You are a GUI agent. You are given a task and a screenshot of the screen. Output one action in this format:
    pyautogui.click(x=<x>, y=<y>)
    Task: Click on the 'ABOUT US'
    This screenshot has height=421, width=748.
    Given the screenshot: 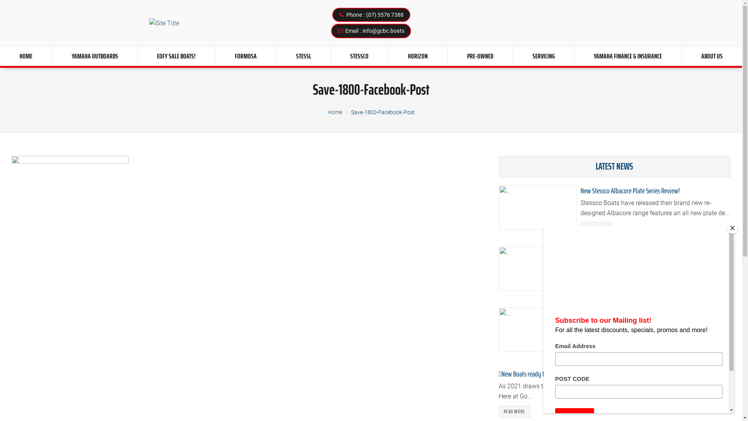 What is the action you would take?
    pyautogui.click(x=712, y=55)
    